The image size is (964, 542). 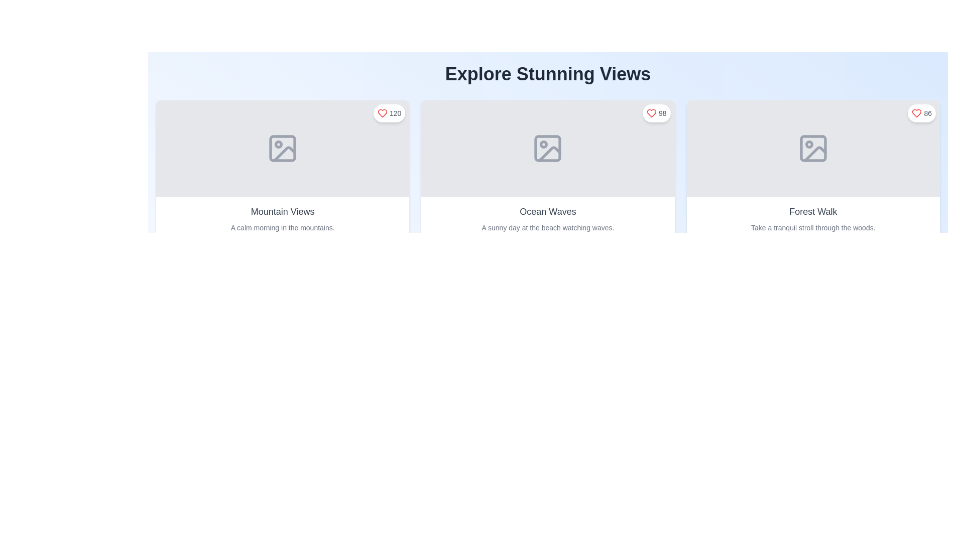 What do you see at coordinates (813, 211) in the screenshot?
I see `the text element 'Forest Walk' displayed in a medium-weight, large-sized gray font located in the rightmost card of a three-card layout` at bounding box center [813, 211].